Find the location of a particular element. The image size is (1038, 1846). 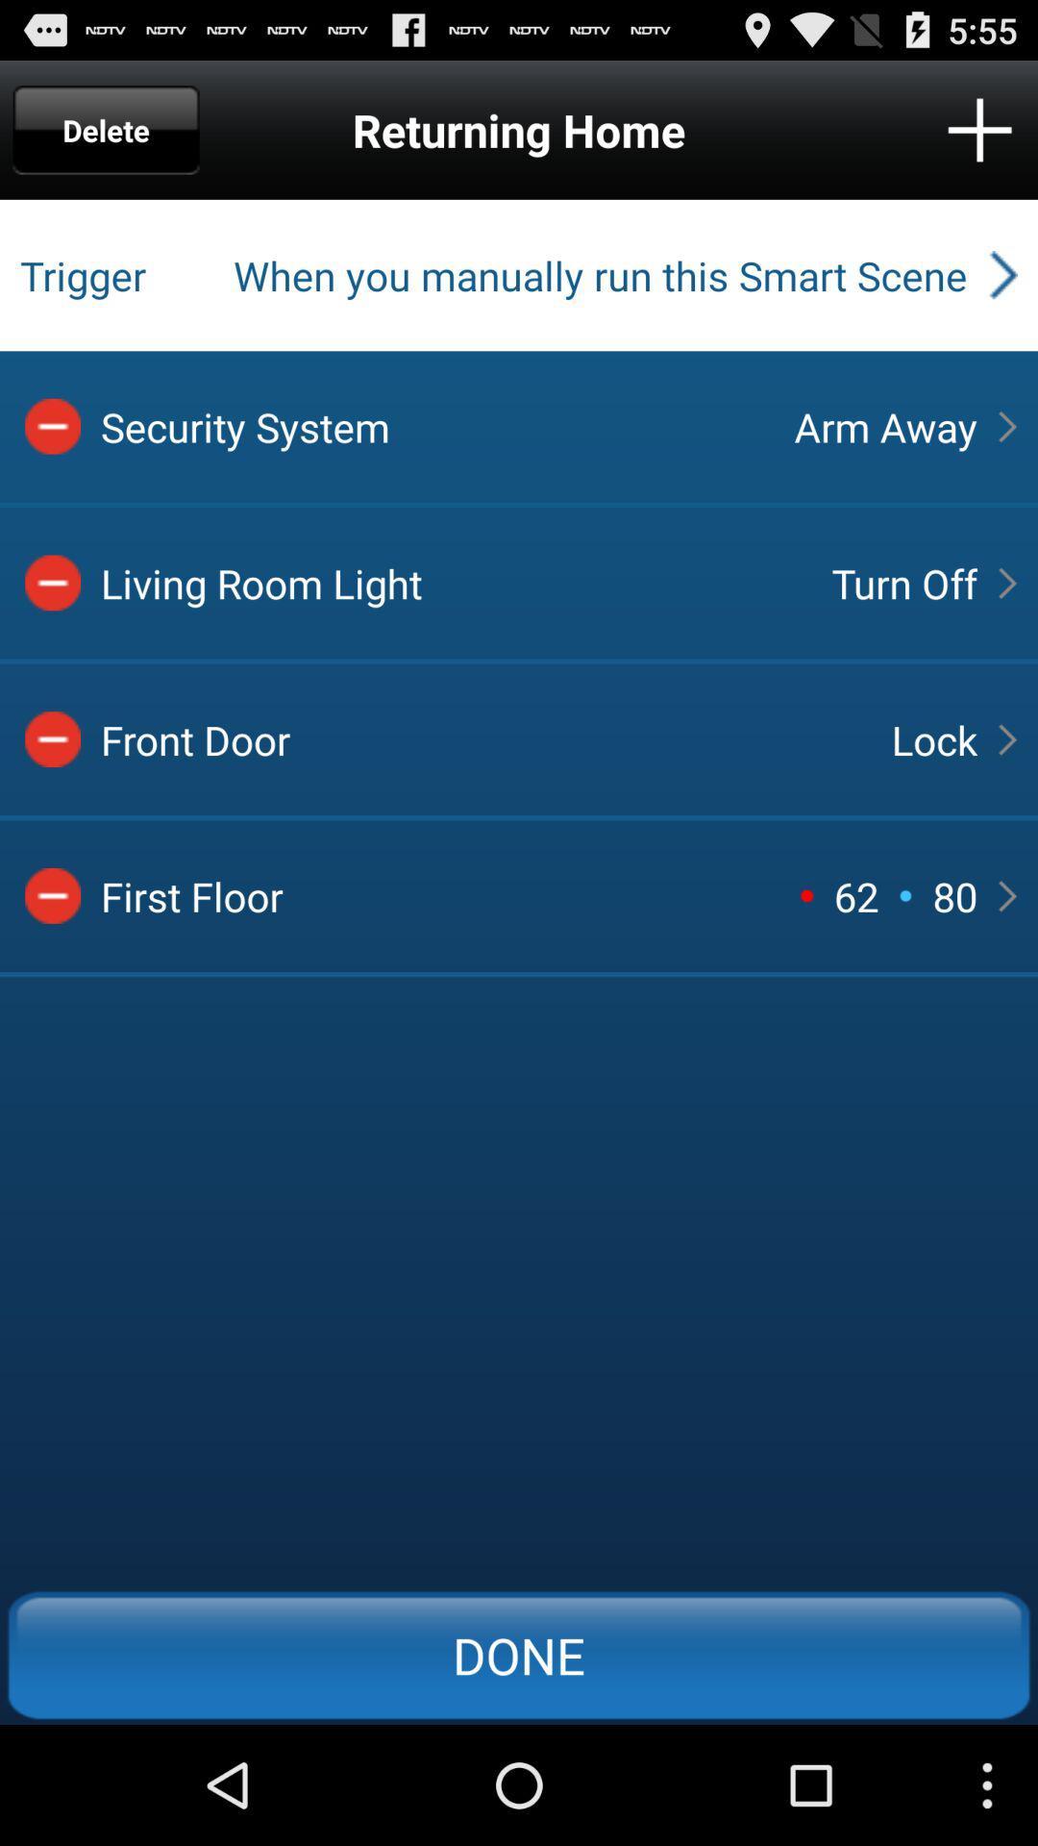

the icon below front door app is located at coordinates (855, 895).